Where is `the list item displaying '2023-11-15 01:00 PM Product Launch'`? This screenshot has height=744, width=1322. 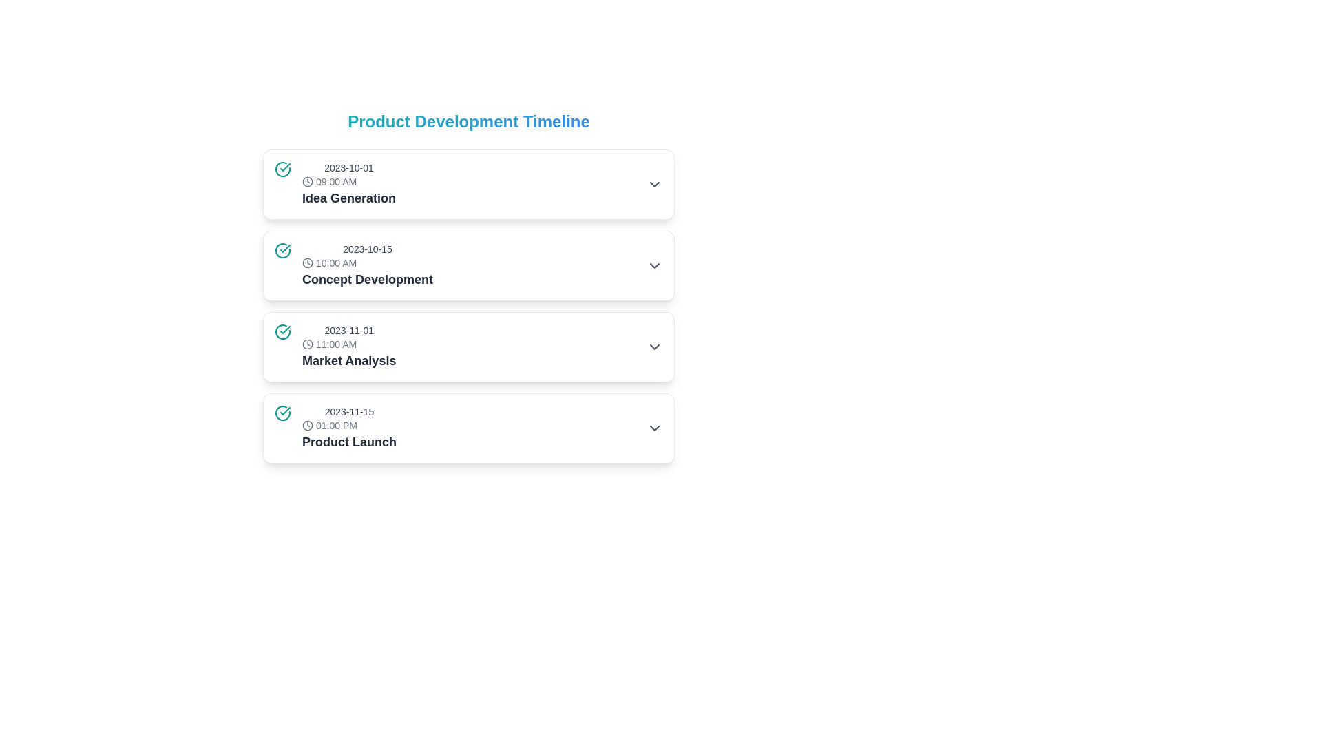 the list item displaying '2023-11-15 01:00 PM Product Launch' is located at coordinates (469, 427).